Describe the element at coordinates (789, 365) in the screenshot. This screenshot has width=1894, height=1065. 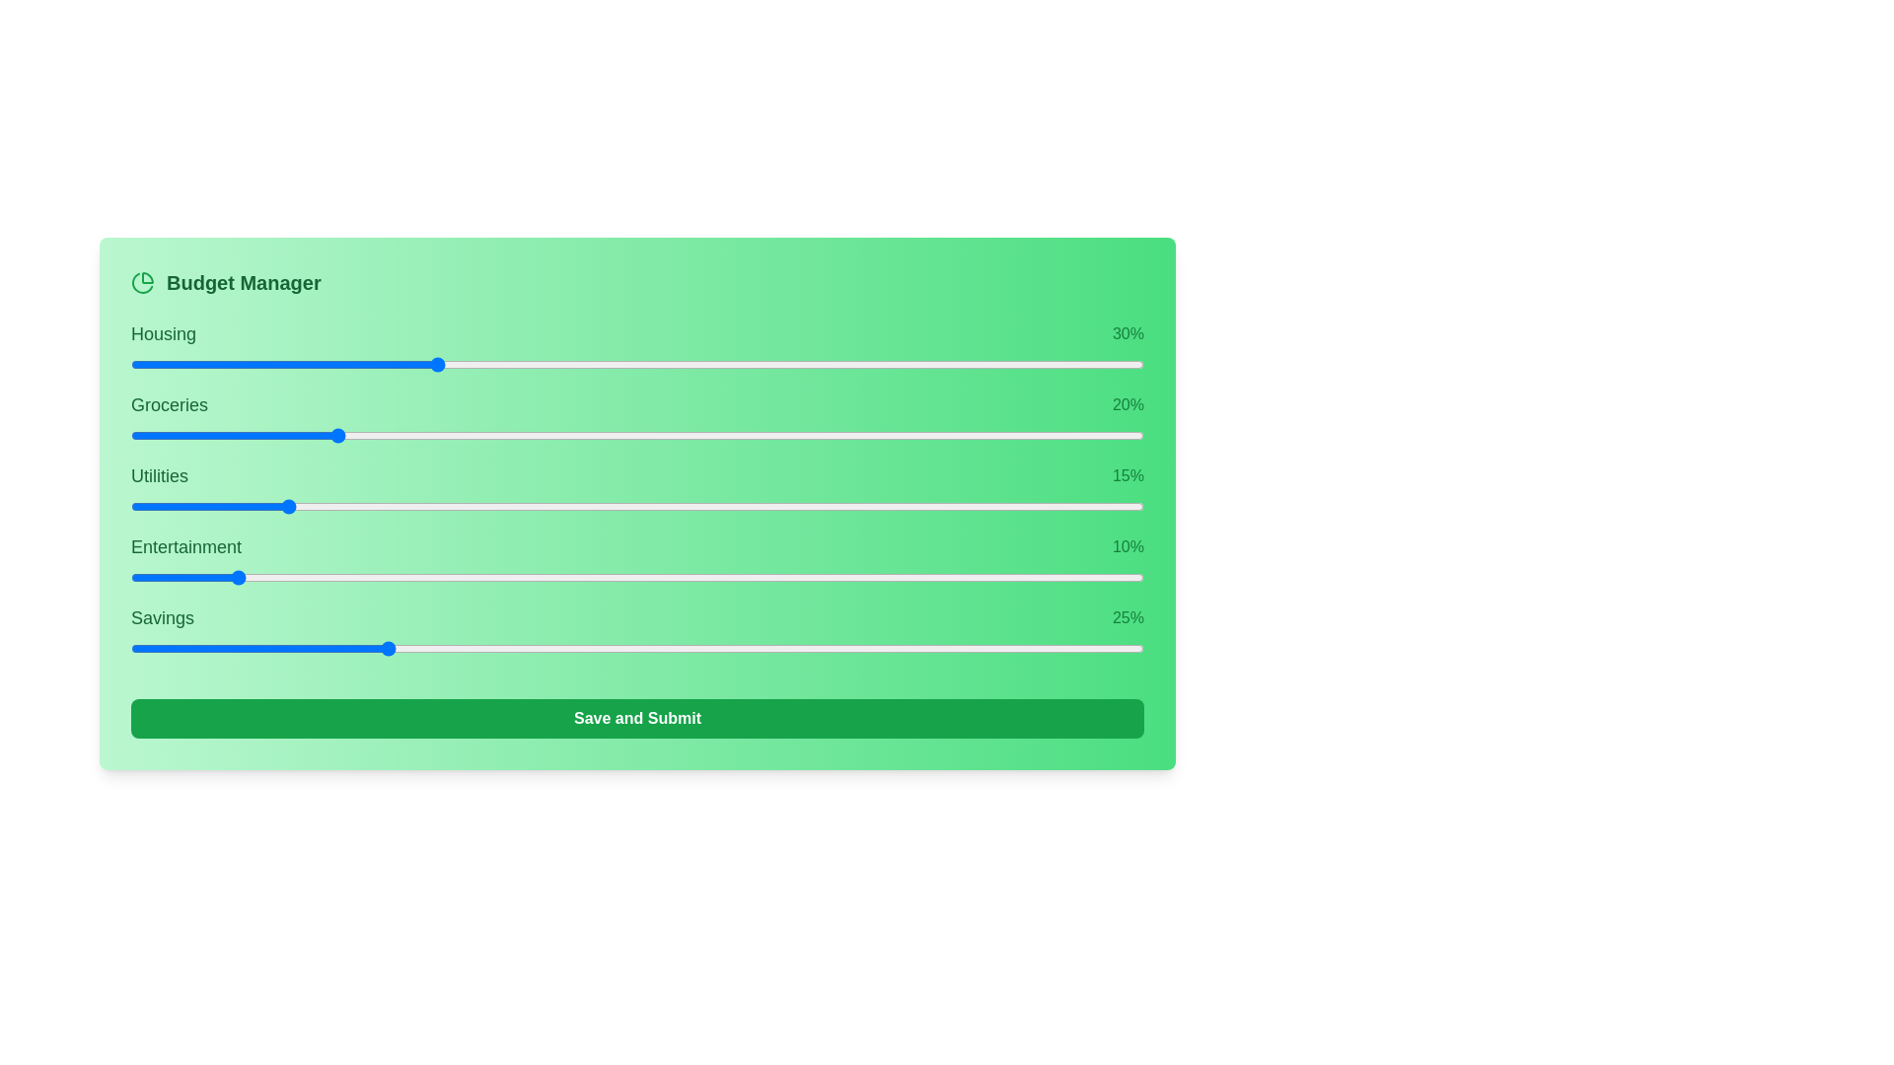
I see `the slider for 0 to 30% allocation` at that location.